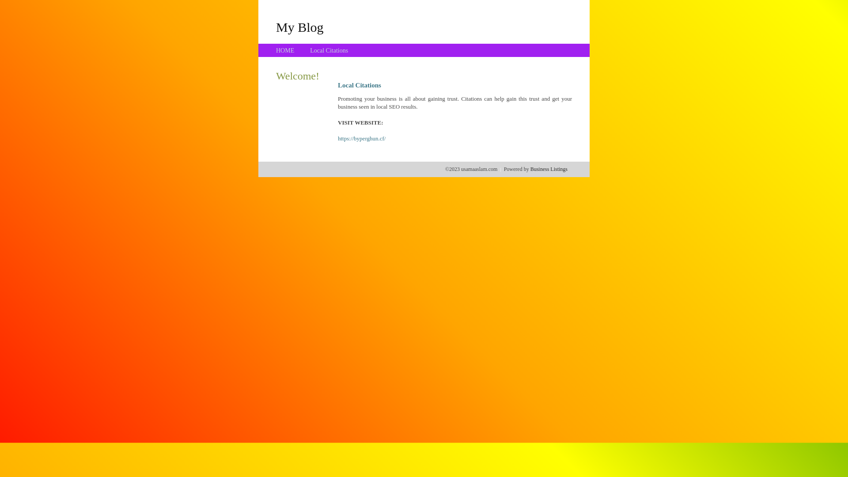  What do you see at coordinates (549, 169) in the screenshot?
I see `'Business Listings'` at bounding box center [549, 169].